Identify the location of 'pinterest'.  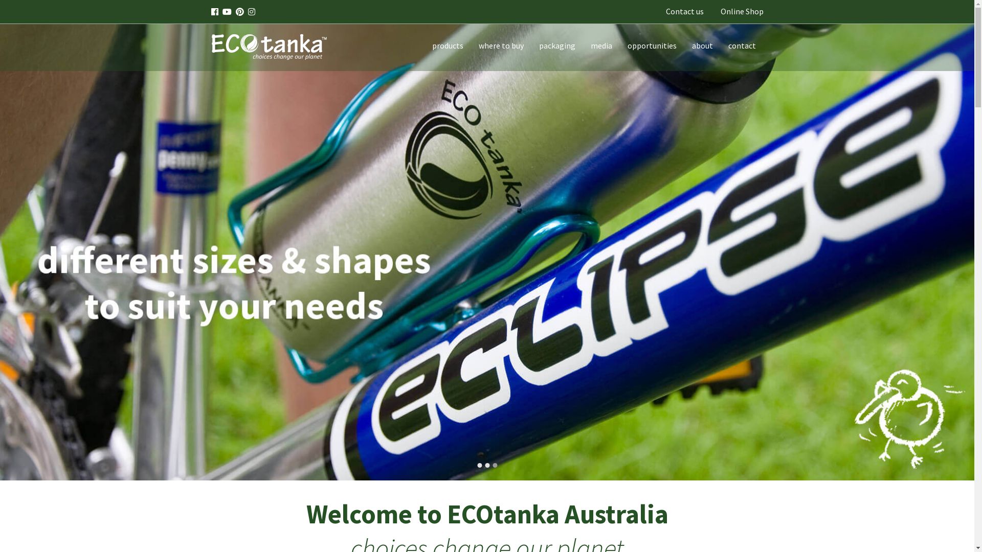
(239, 12).